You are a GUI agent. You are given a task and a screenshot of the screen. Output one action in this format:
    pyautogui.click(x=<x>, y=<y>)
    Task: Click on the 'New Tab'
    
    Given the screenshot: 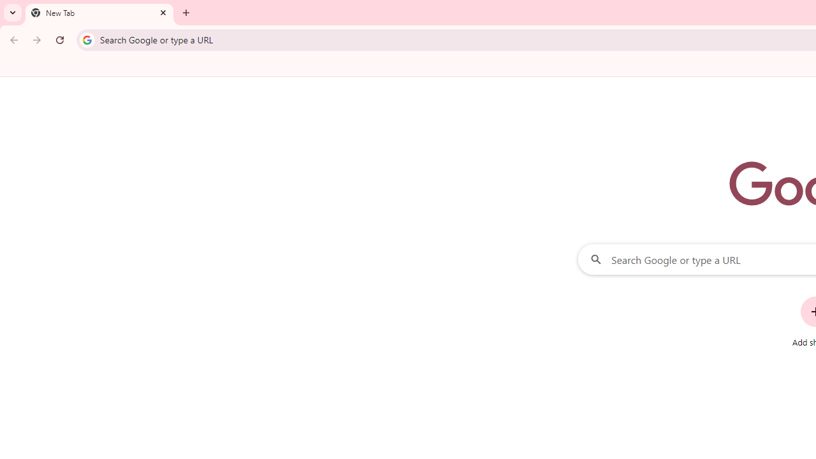 What is the action you would take?
    pyautogui.click(x=99, y=13)
    